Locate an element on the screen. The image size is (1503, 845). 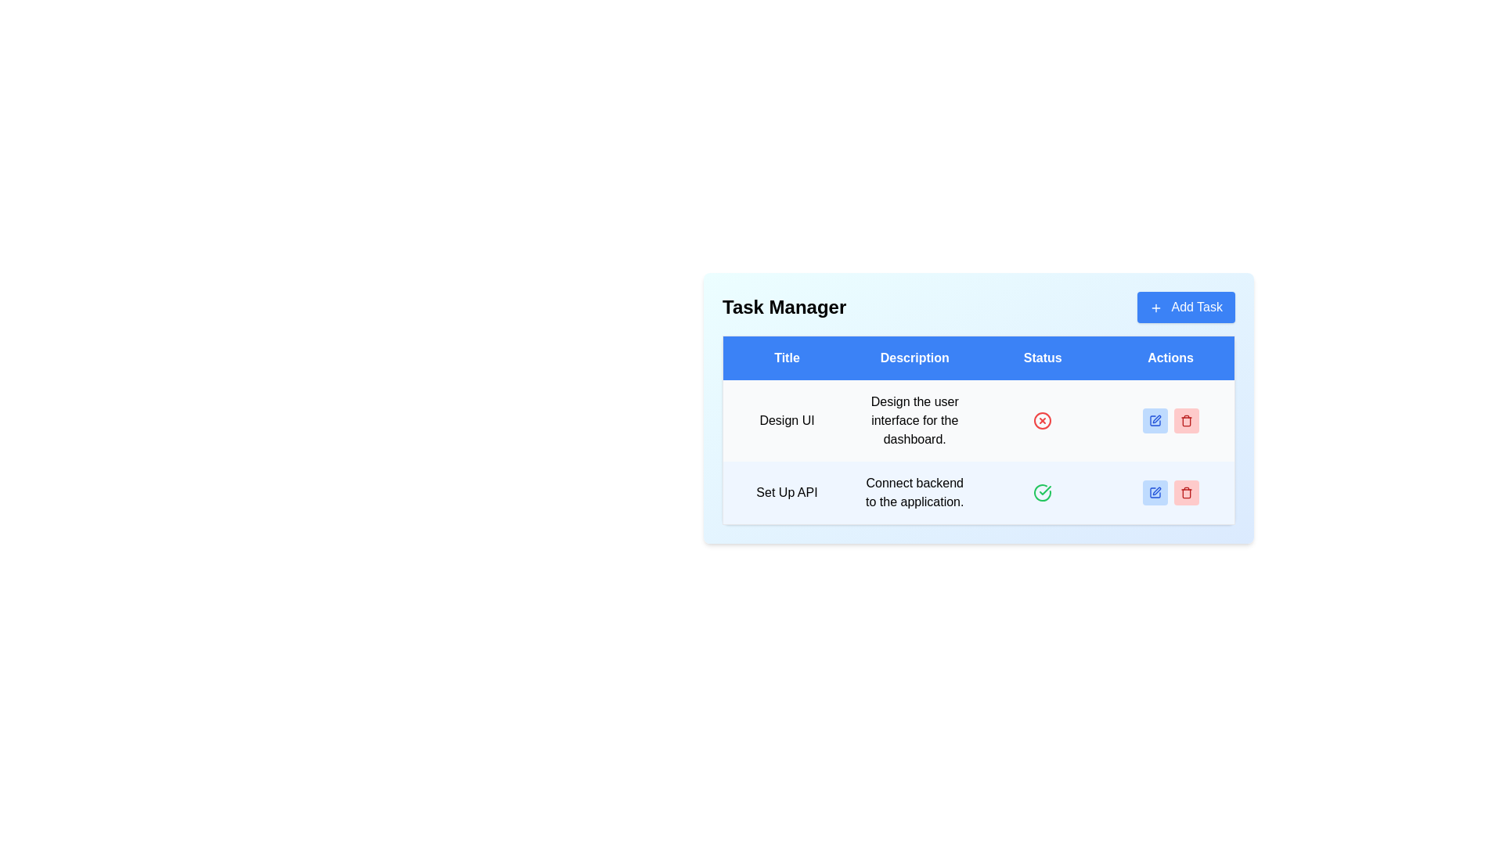
the red circular icon with a cross inside, located in the 'Status' column of the first row in the task list under 'Task Manager', which aligns with the task titled 'Design UI' is located at coordinates (1043, 420).